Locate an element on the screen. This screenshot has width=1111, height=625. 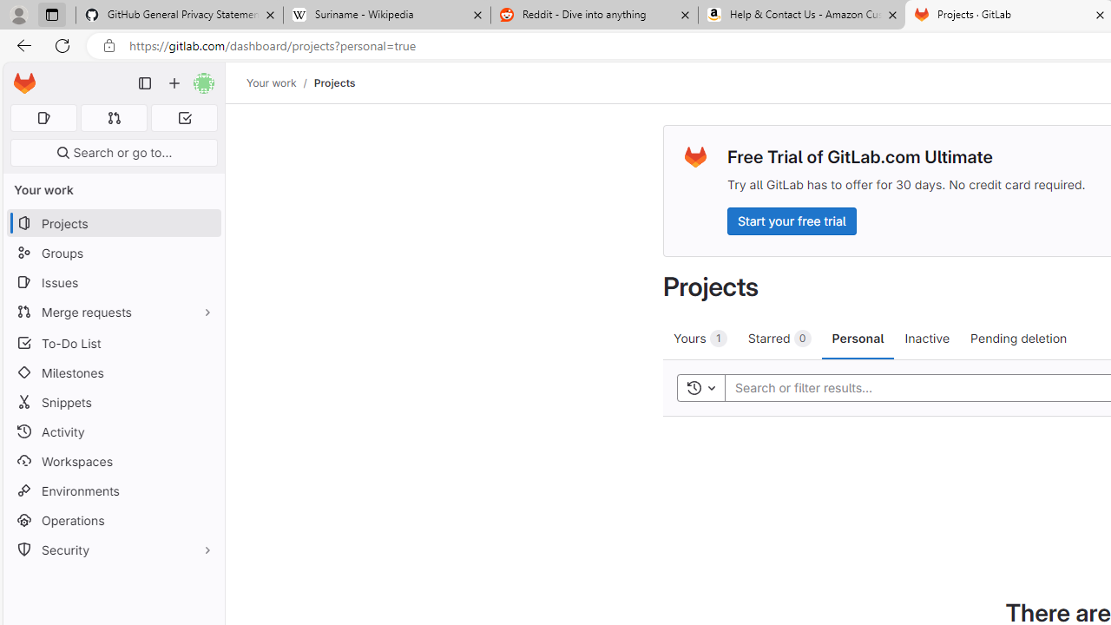
'Activity' is located at coordinates (113, 431).